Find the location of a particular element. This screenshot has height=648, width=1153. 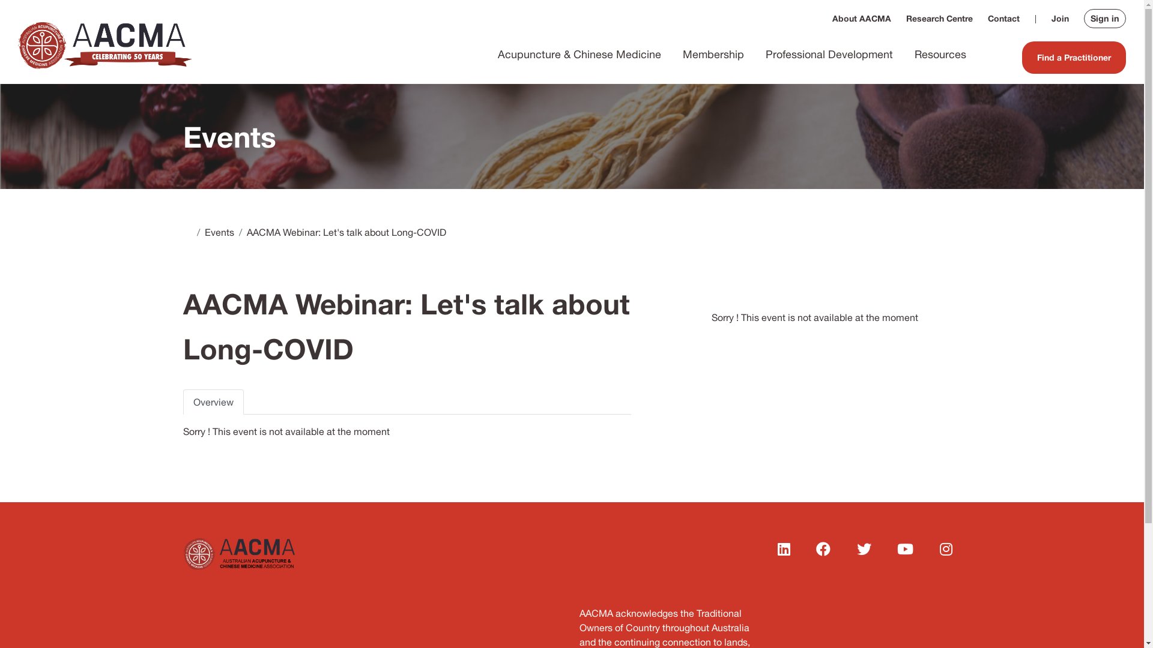

'Professional Development' is located at coordinates (829, 55).